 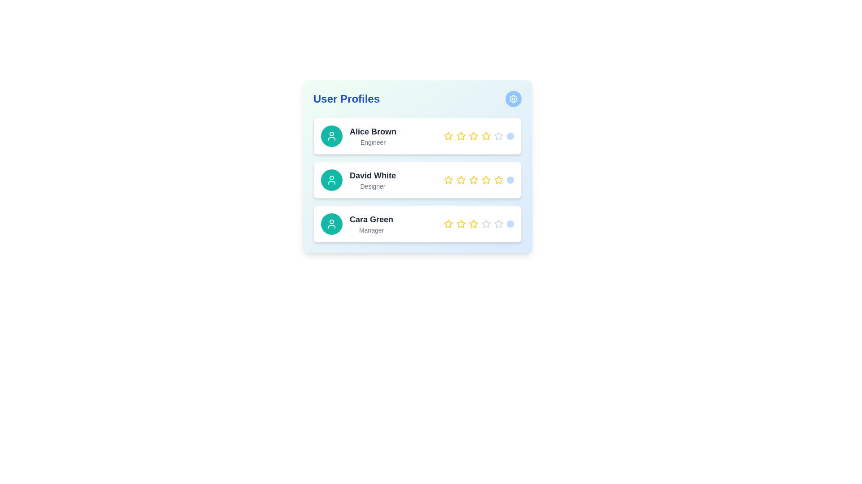 I want to click on the yellow star icon with a hollow center located beside Alice Brown's profile entry, so click(x=448, y=136).